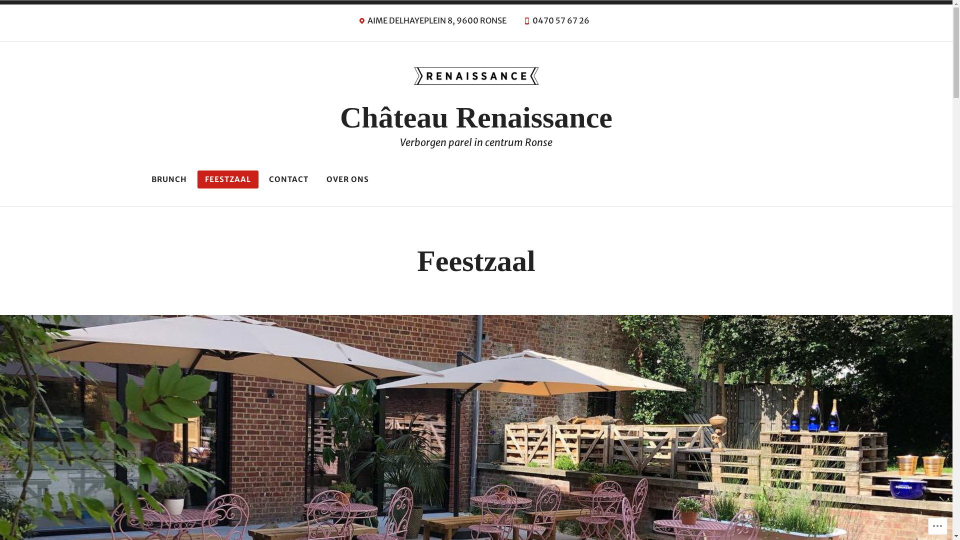 Image resolution: width=960 pixels, height=540 pixels. I want to click on 'Telefoon 0470 57 67 26', so click(555, 22).